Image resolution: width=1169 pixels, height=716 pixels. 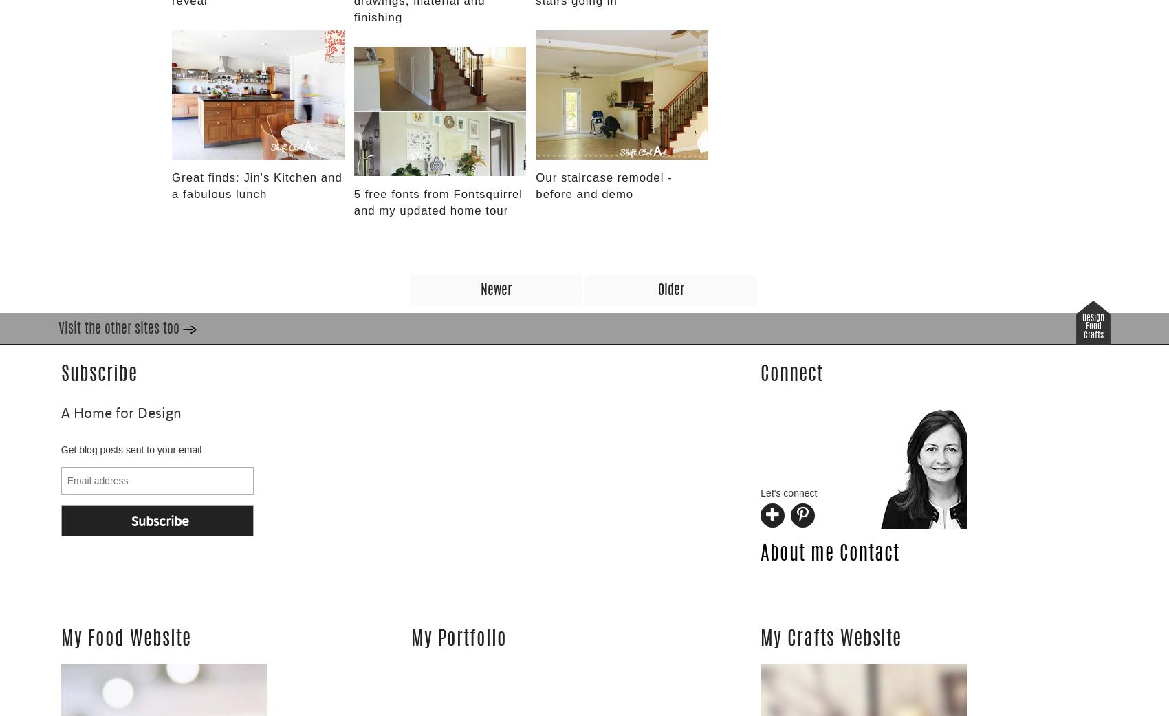 What do you see at coordinates (130, 448) in the screenshot?
I see `'Get blog posts sent to your email'` at bounding box center [130, 448].